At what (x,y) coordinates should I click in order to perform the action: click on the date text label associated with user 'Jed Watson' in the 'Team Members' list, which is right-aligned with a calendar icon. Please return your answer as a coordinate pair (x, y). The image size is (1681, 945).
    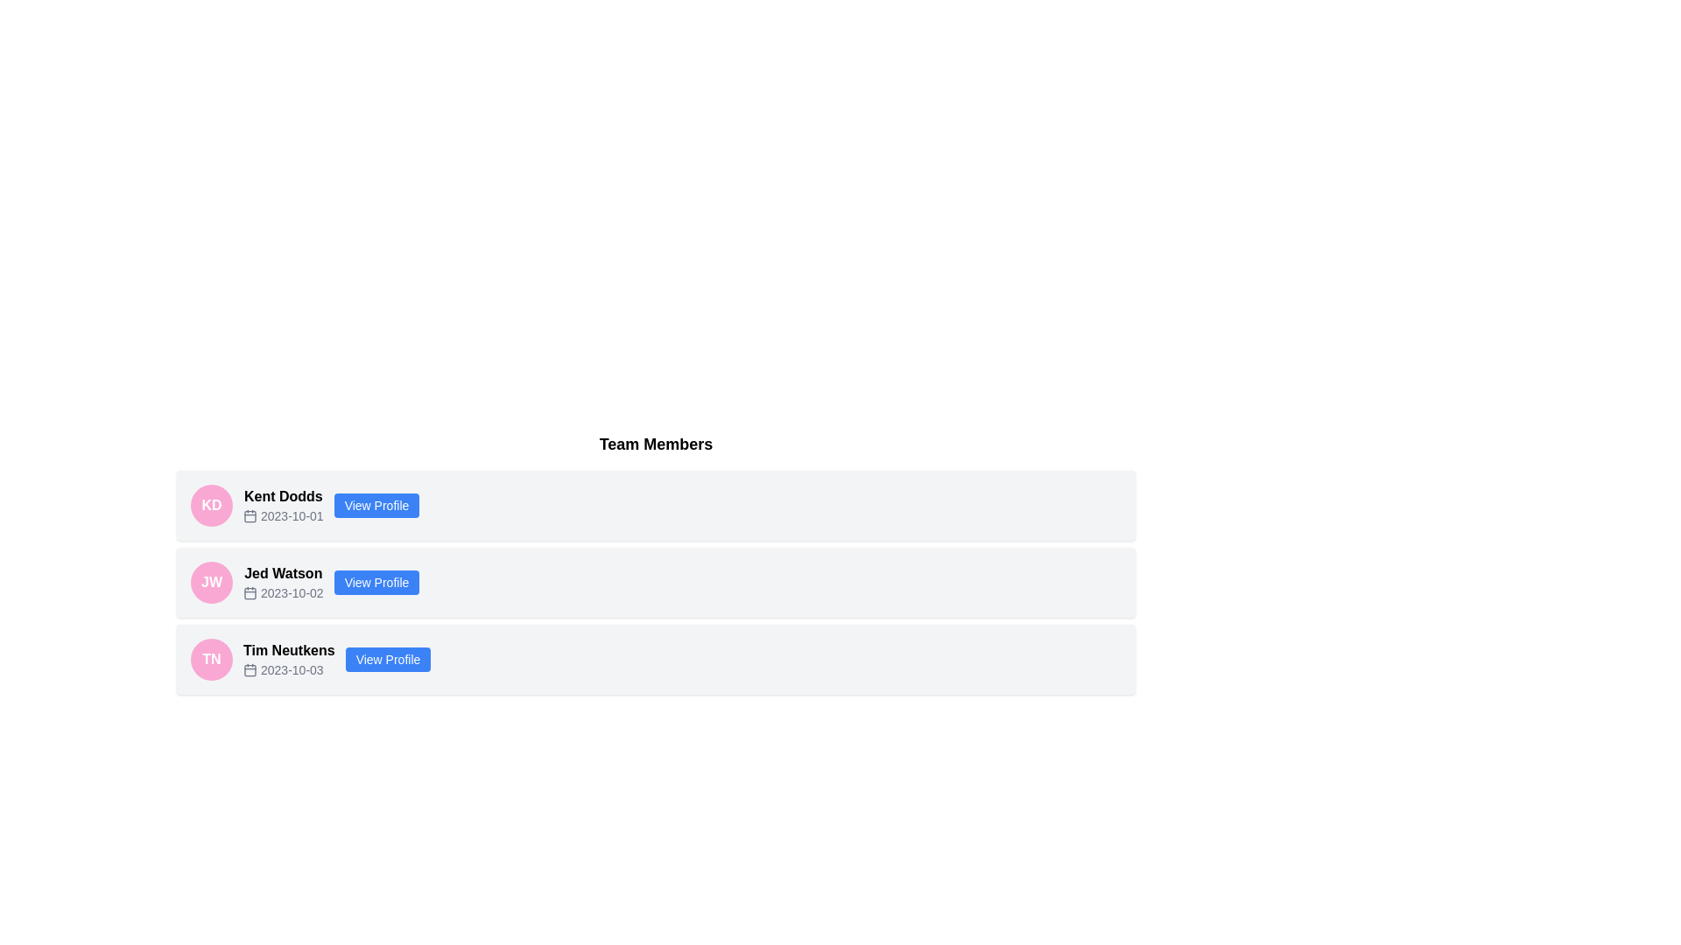
    Looking at the image, I should click on (292, 592).